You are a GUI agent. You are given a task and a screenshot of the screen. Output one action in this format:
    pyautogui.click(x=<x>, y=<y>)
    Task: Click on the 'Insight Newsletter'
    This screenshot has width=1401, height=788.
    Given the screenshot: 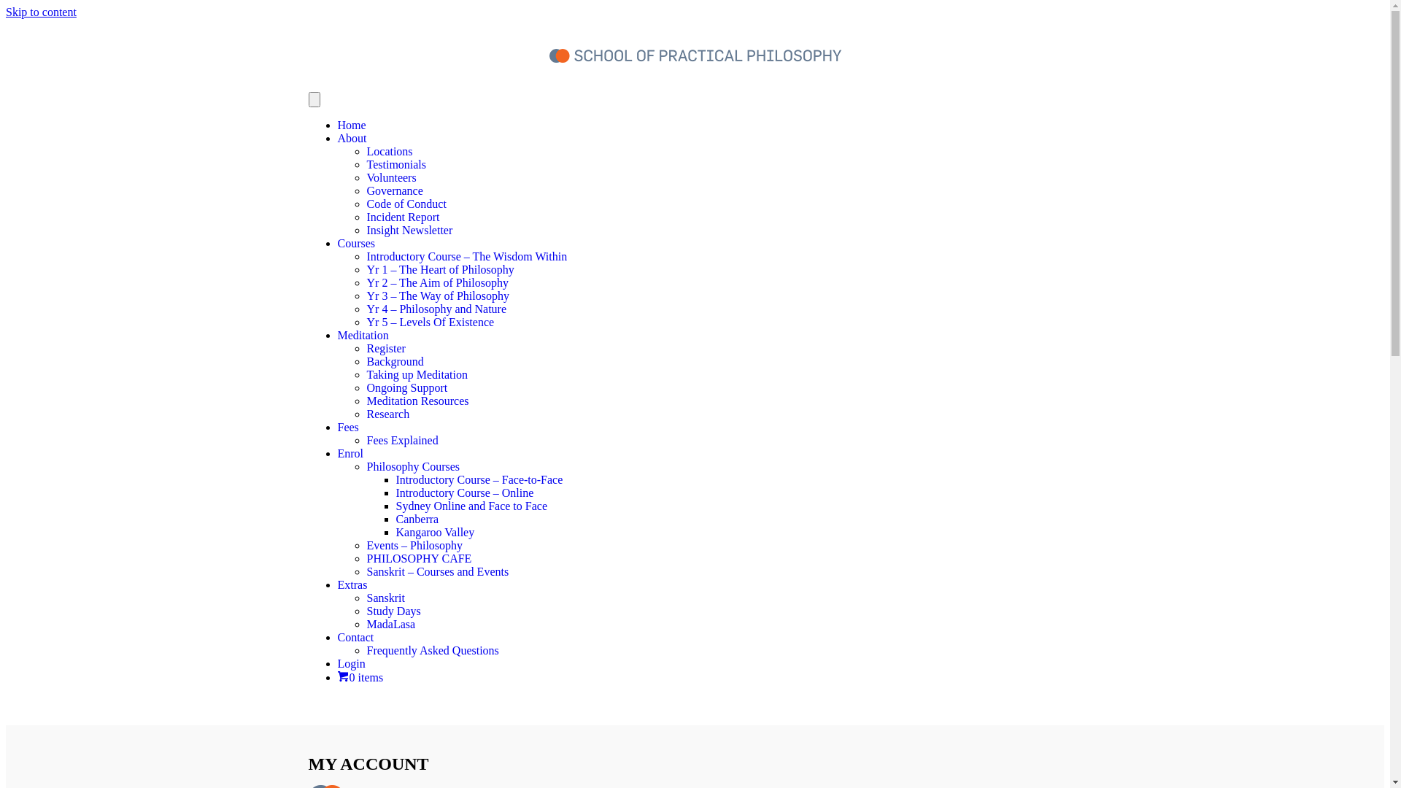 What is the action you would take?
    pyautogui.click(x=409, y=230)
    